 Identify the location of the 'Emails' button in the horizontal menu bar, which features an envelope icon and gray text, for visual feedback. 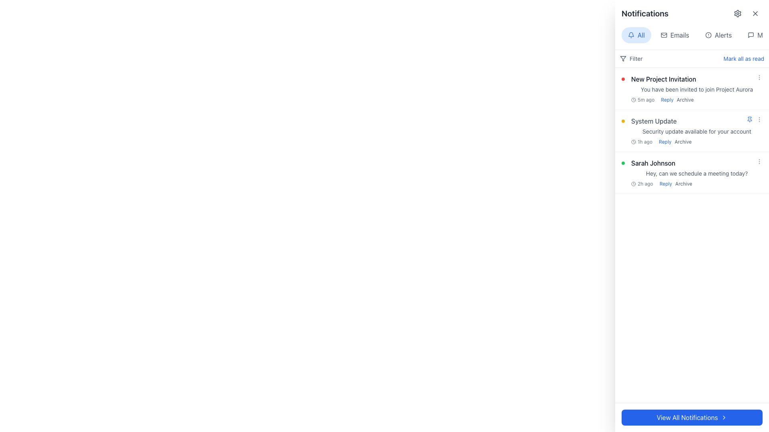
(674, 35).